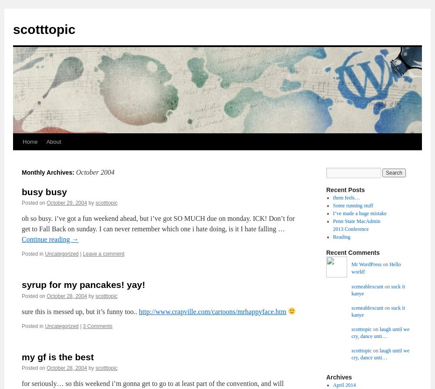 The image size is (435, 389). I want to click on 'Leave a comment', so click(103, 254).